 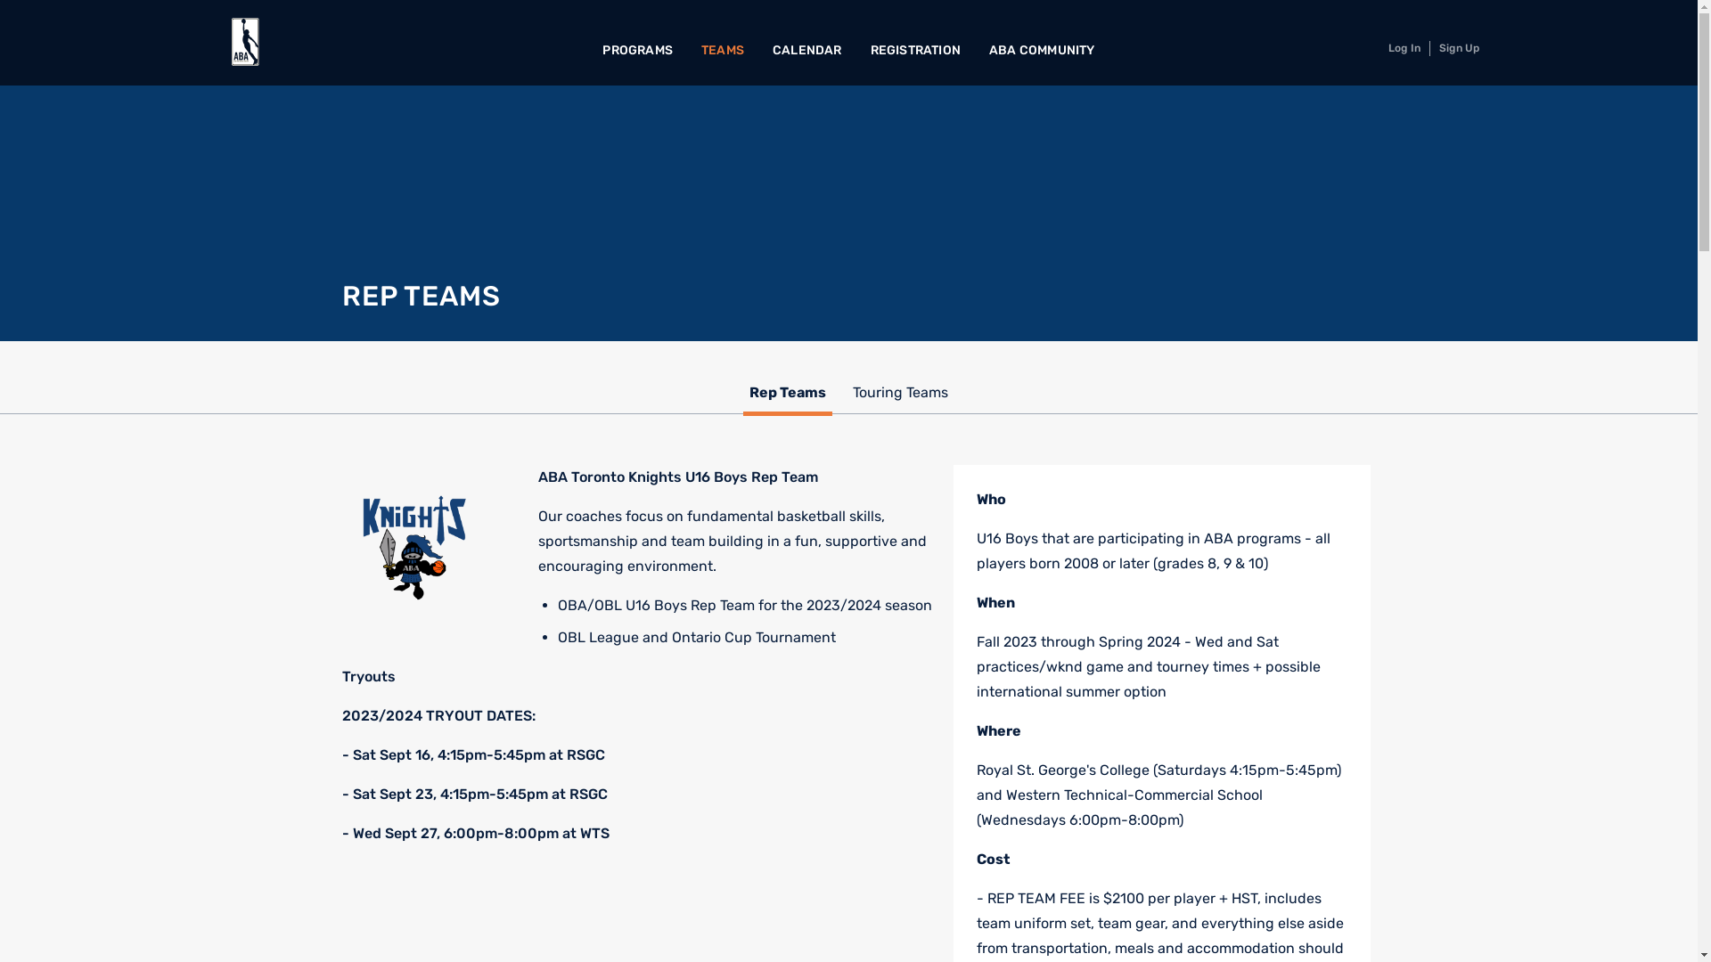 What do you see at coordinates (806, 50) in the screenshot?
I see `'CALENDAR'` at bounding box center [806, 50].